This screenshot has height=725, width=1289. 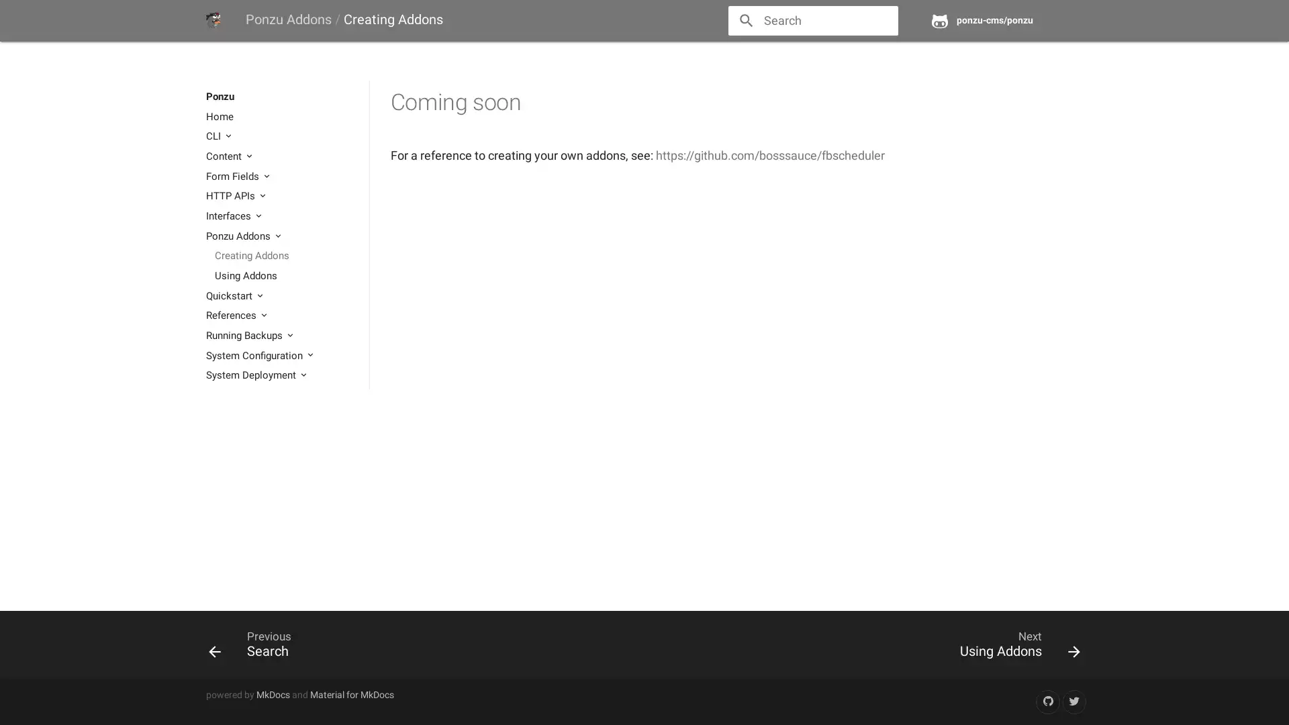 What do you see at coordinates (880, 20) in the screenshot?
I see `close` at bounding box center [880, 20].